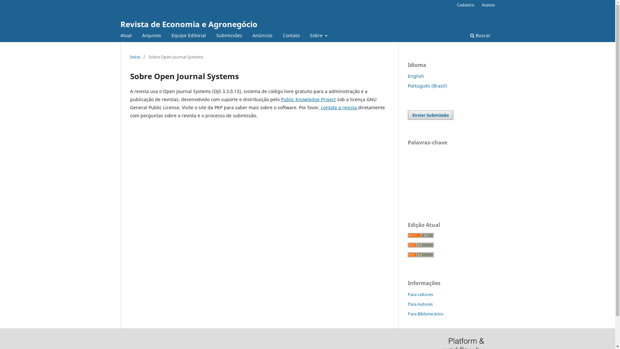 The width and height of the screenshot is (620, 349). Describe the element at coordinates (308, 99) in the screenshot. I see `'Public Knowledge Project'` at that location.